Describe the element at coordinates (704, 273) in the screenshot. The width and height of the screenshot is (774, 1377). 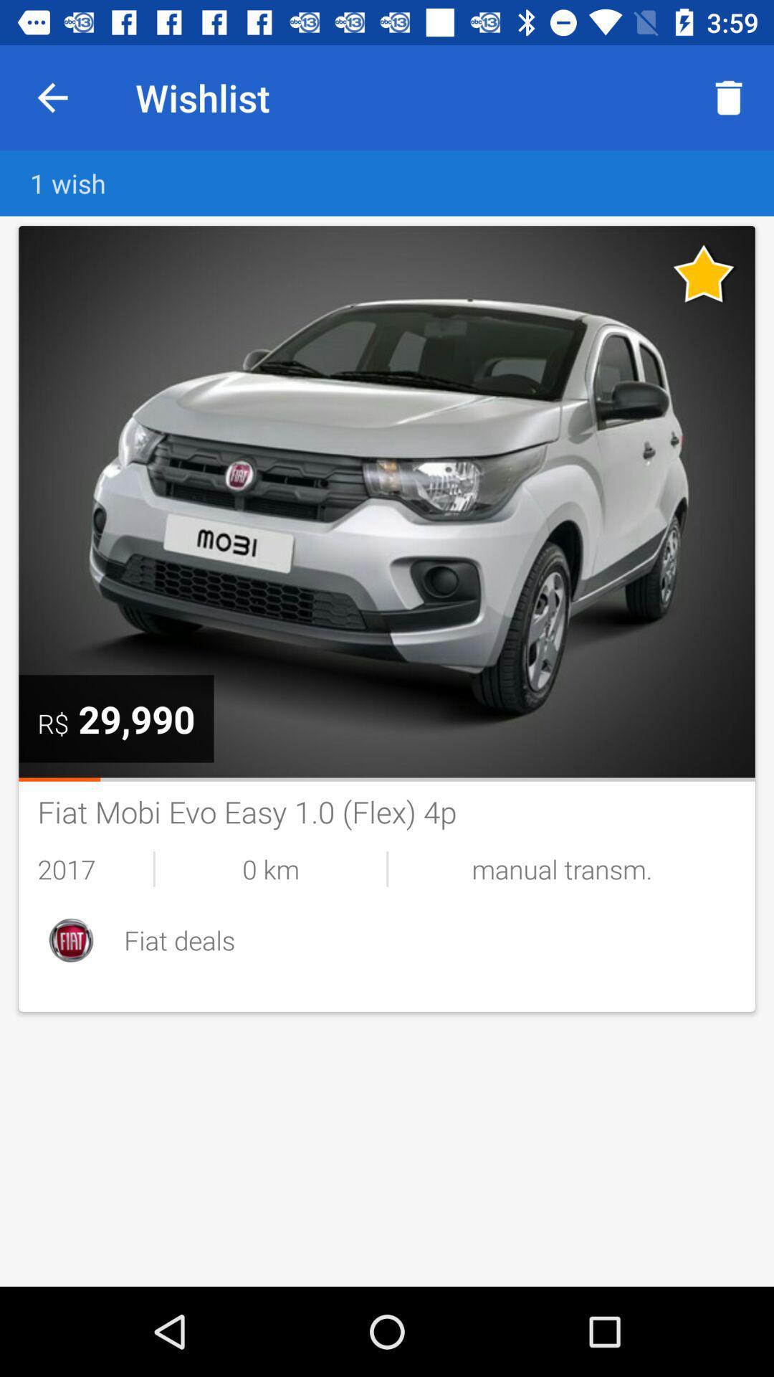
I see `the item below the 1 wish icon` at that location.